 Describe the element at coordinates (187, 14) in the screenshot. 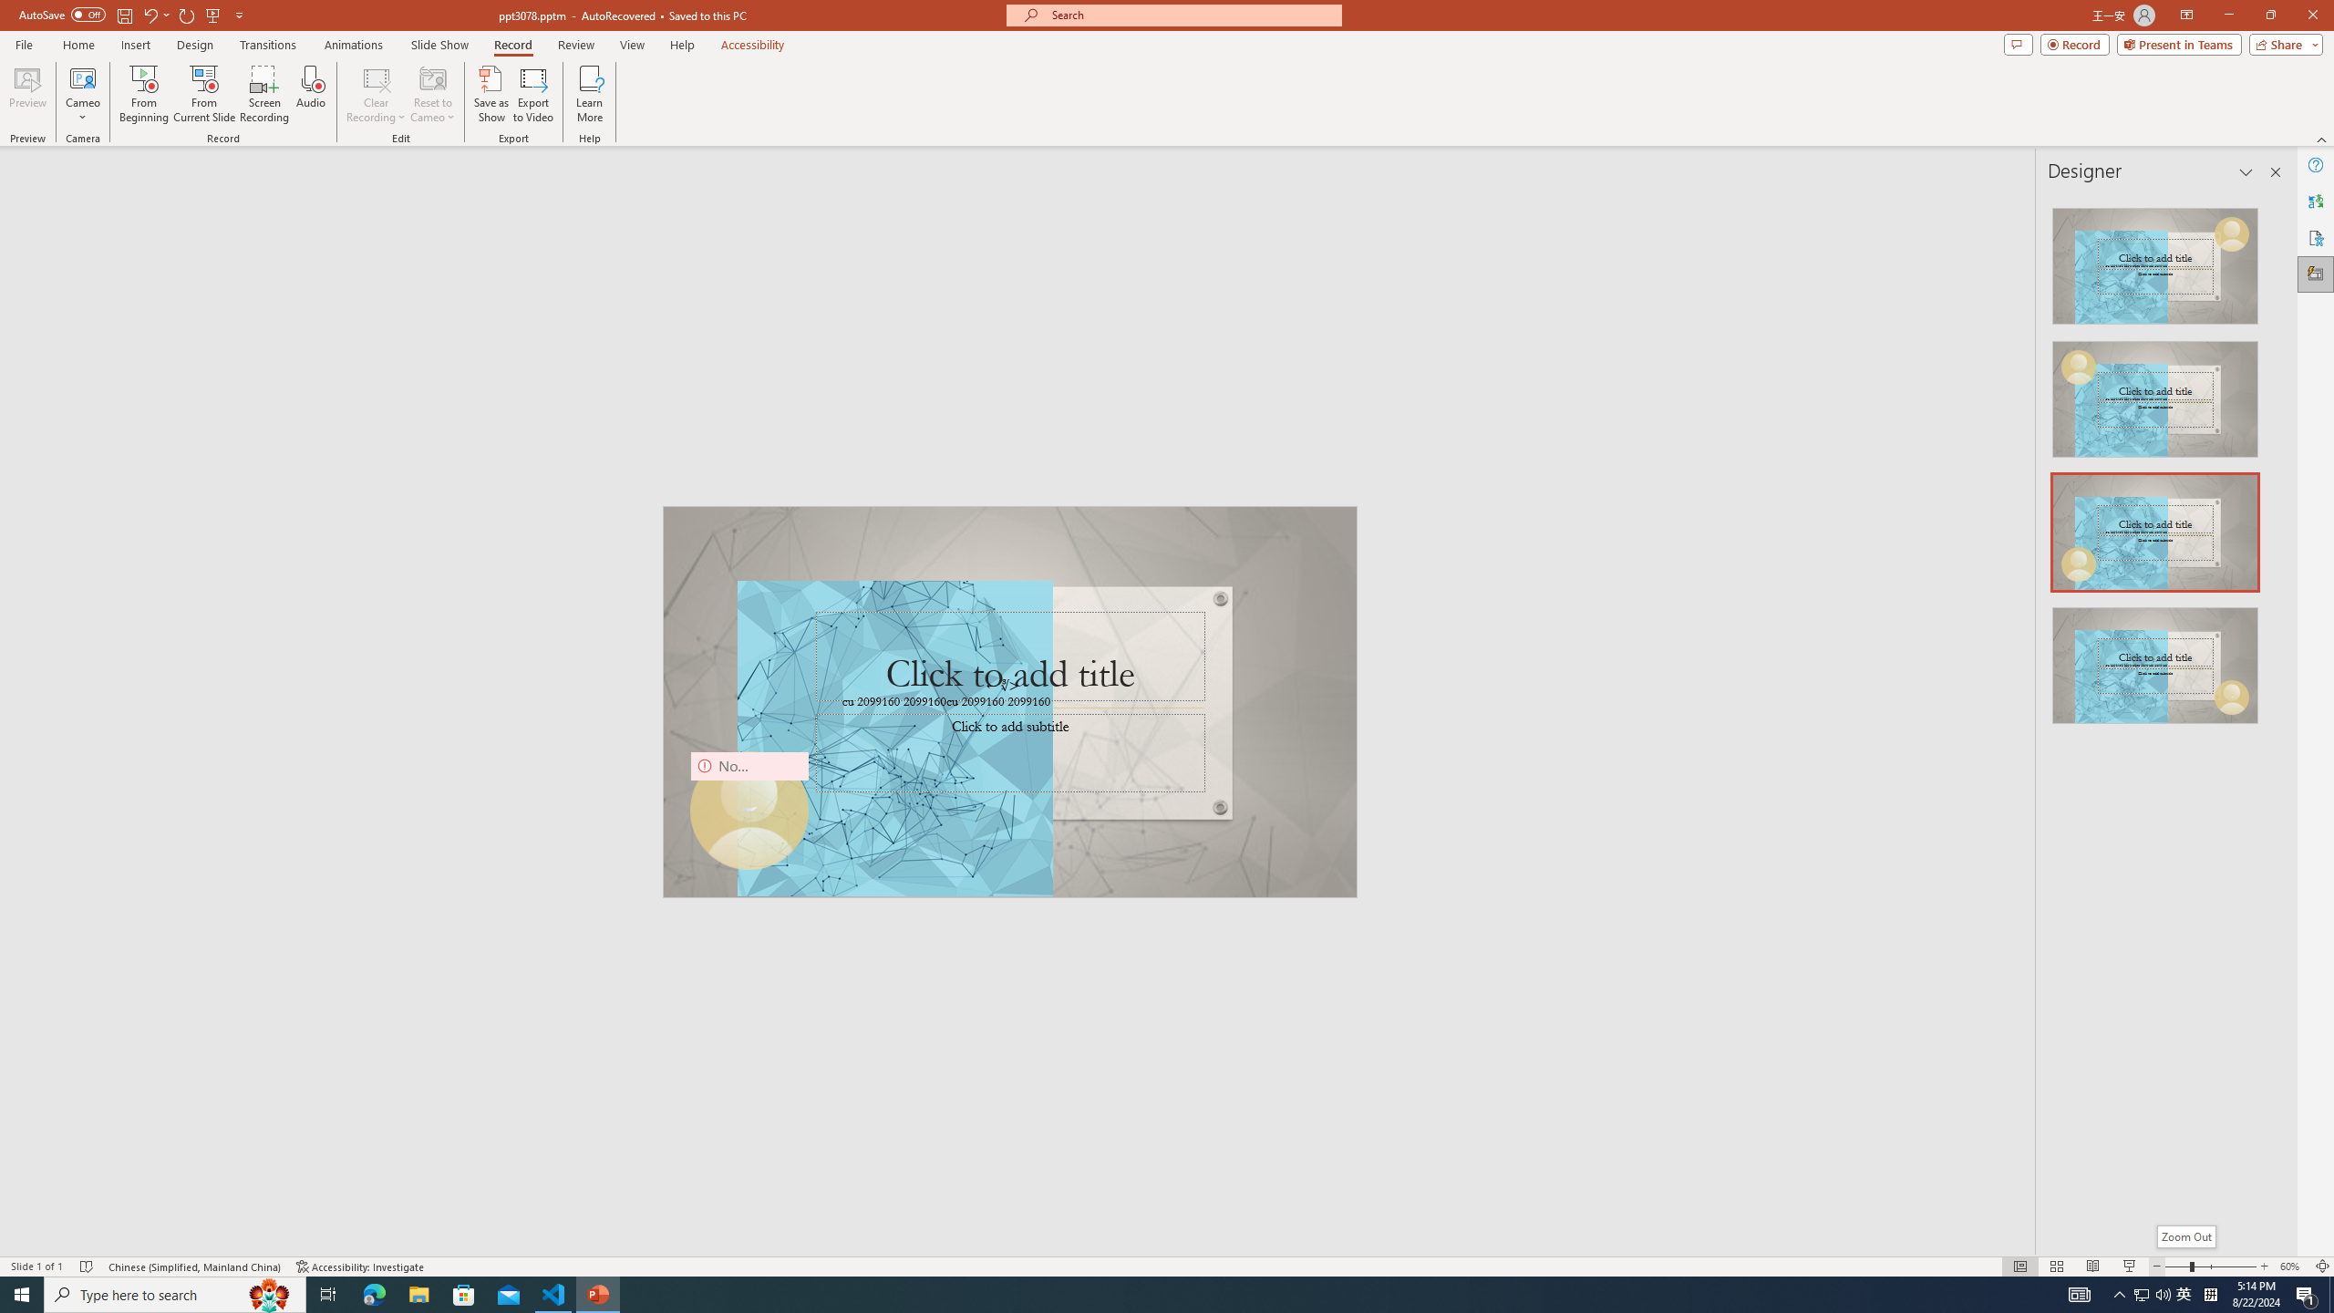

I see `'Redo'` at that location.